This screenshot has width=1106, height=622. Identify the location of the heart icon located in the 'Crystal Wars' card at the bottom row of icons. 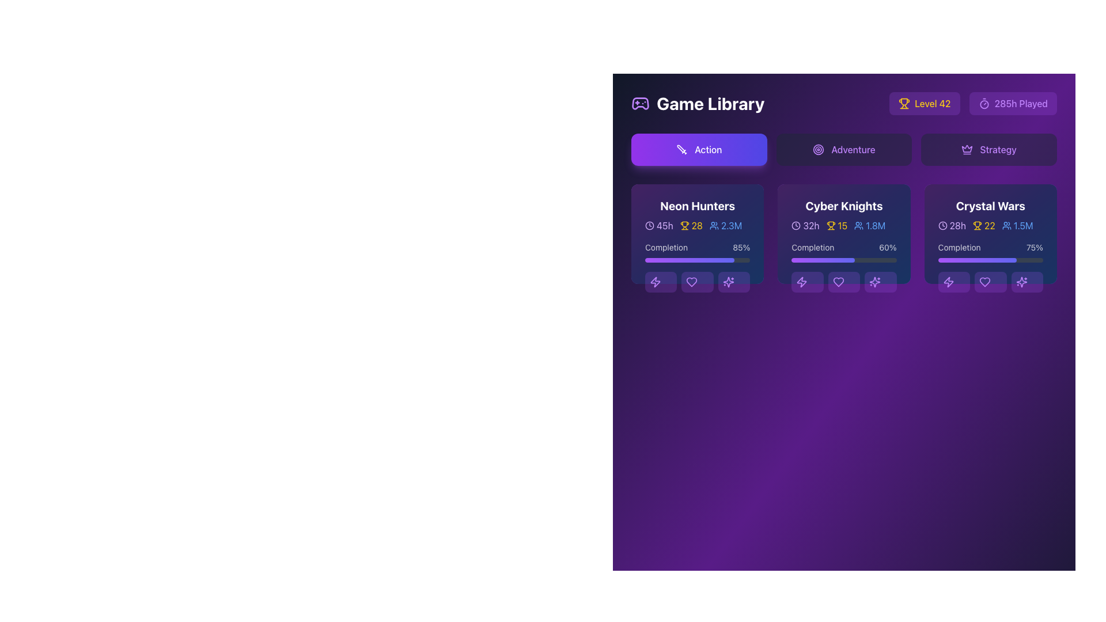
(984, 282).